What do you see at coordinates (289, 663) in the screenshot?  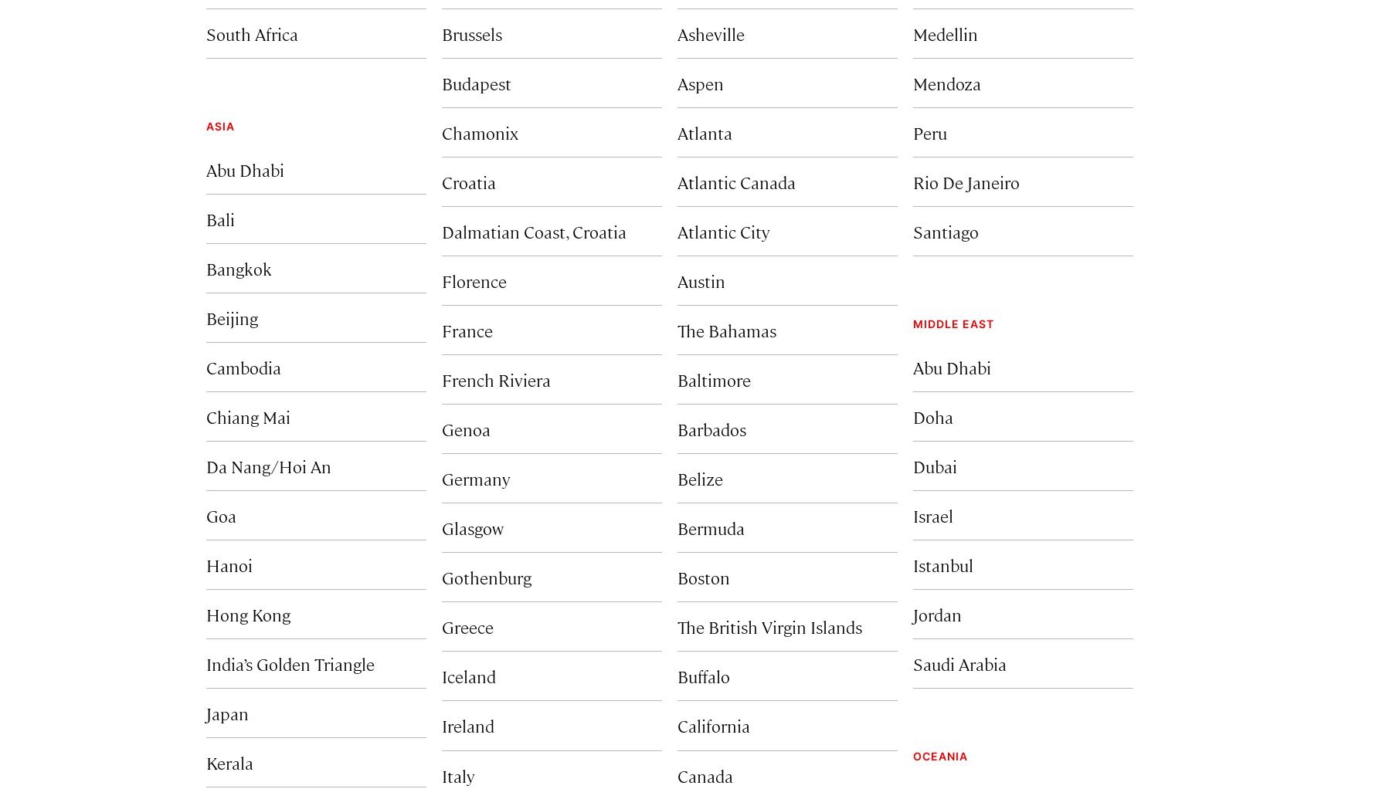 I see `'India’s Golden Triangle'` at bounding box center [289, 663].